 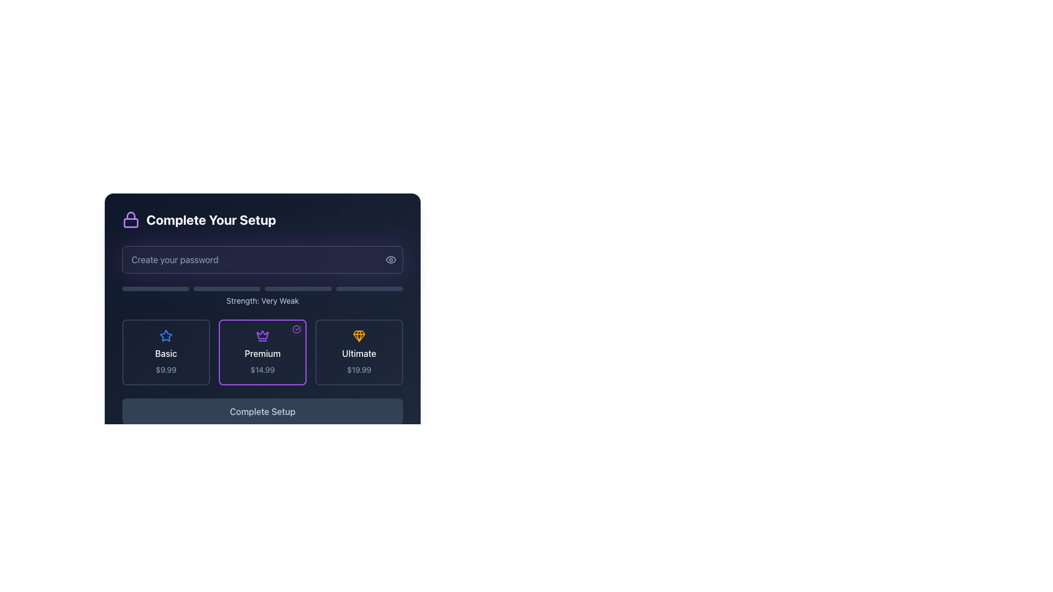 I want to click on the 'Basic' Plan selection card, which features a blue star icon at the top, white text reading 'Basic' in the center, and a price of '$9.99' at the bottom, so click(x=165, y=352).